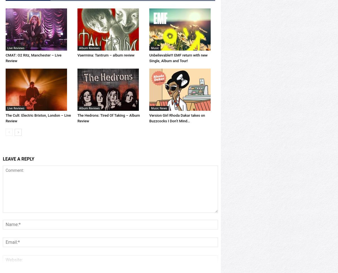  Describe the element at coordinates (18, 178) in the screenshot. I see `'LEAVE A REPLY'` at that location.